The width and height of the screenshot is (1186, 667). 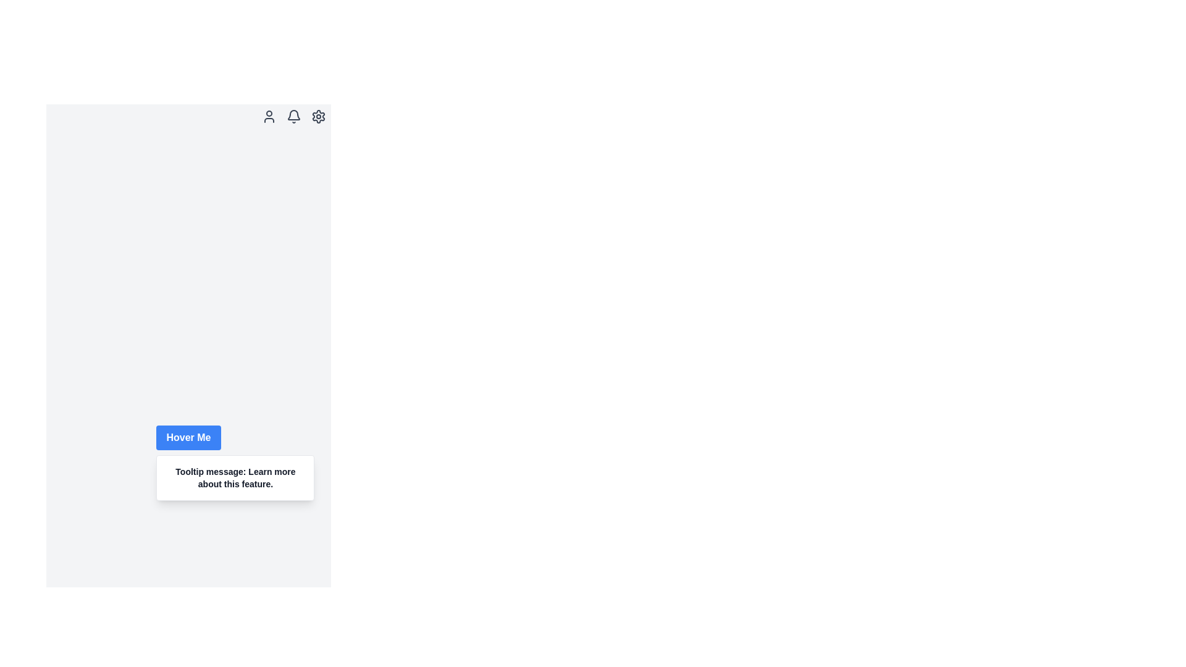 What do you see at coordinates (318, 117) in the screenshot?
I see `the settings icon located in the top-right corner of the interface` at bounding box center [318, 117].